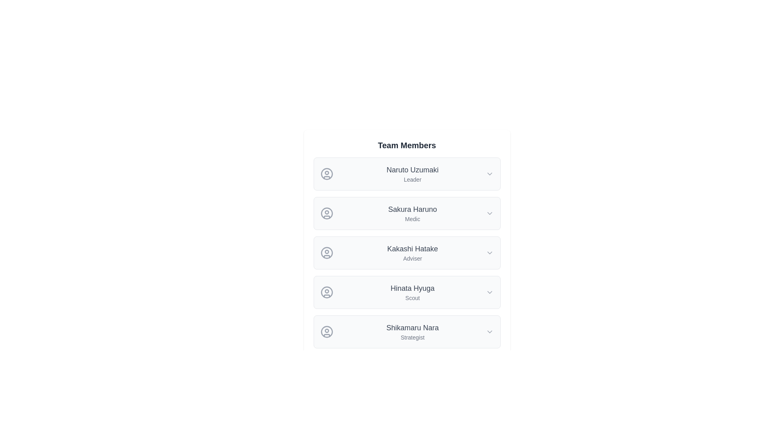 The height and width of the screenshot is (435, 774). I want to click on text label displaying 'Kakashi Hatake' in bold gray font, located in the middle card of team members, so click(412, 248).